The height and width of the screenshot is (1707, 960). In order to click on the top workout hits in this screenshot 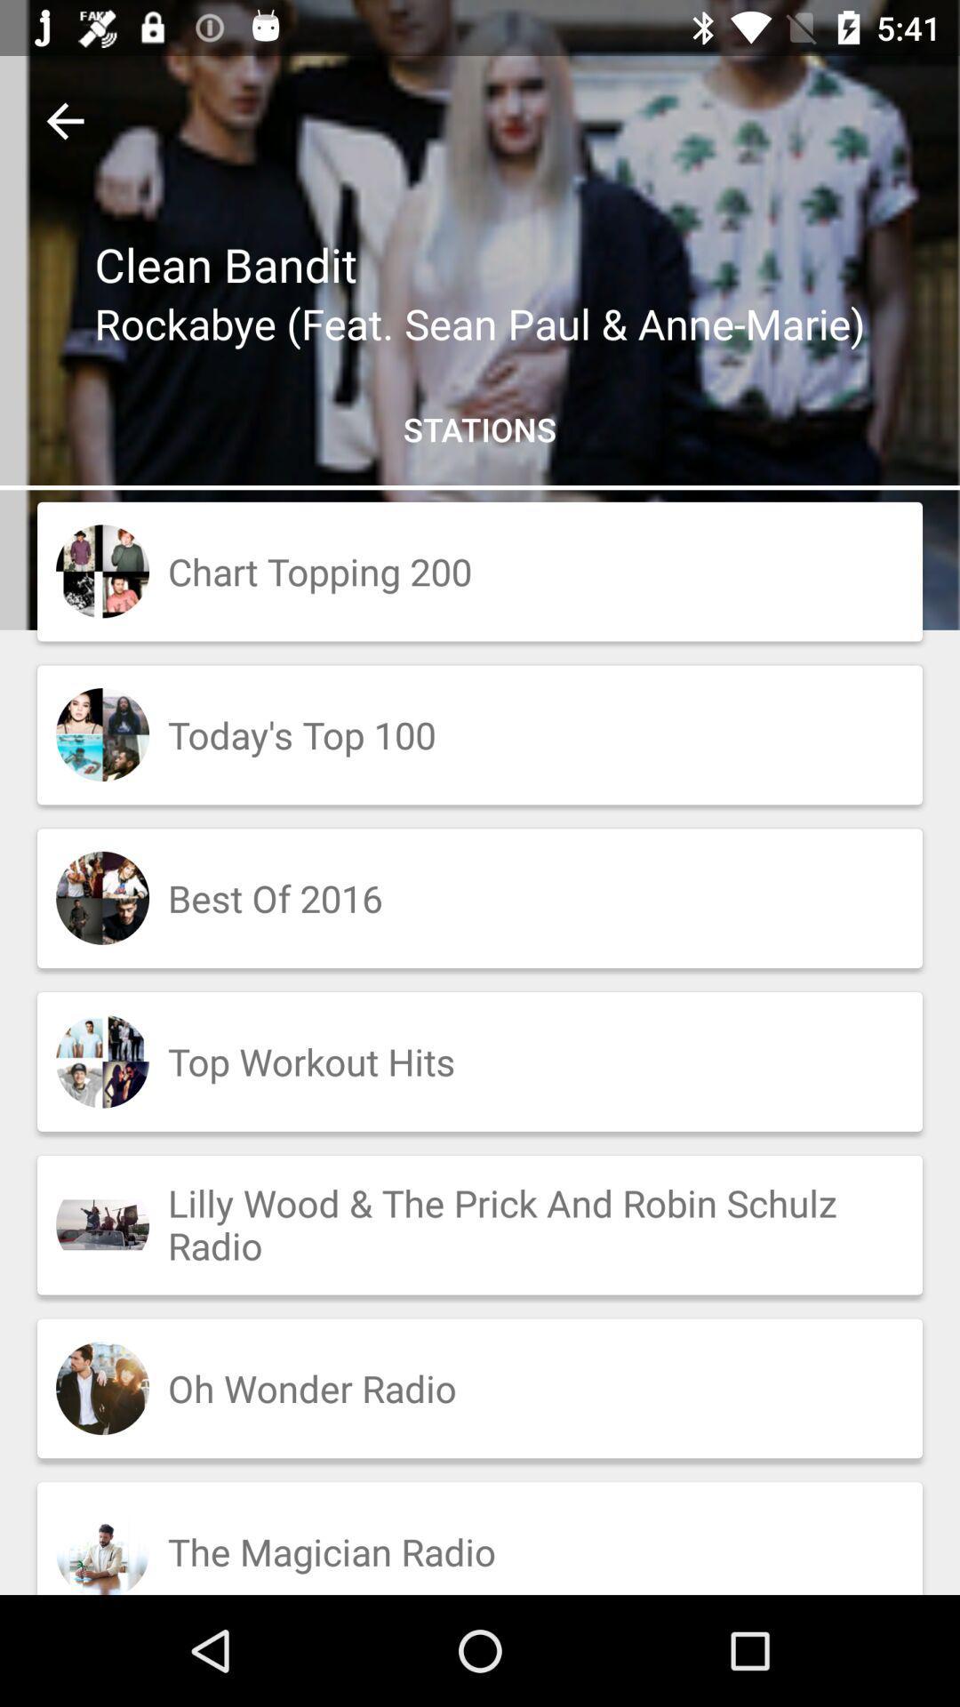, I will do `click(480, 1062)`.